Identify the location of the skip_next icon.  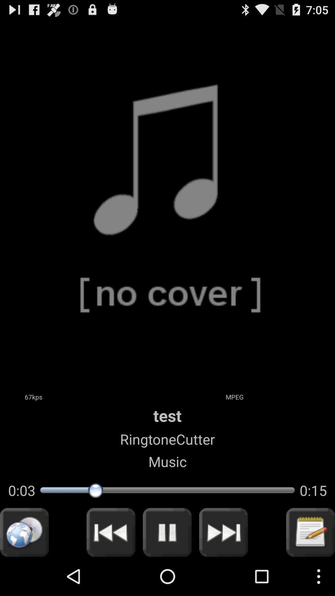
(223, 570).